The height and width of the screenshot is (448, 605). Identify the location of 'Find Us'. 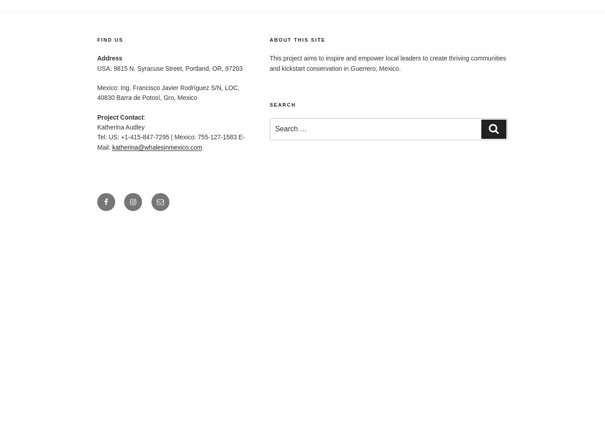
(109, 39).